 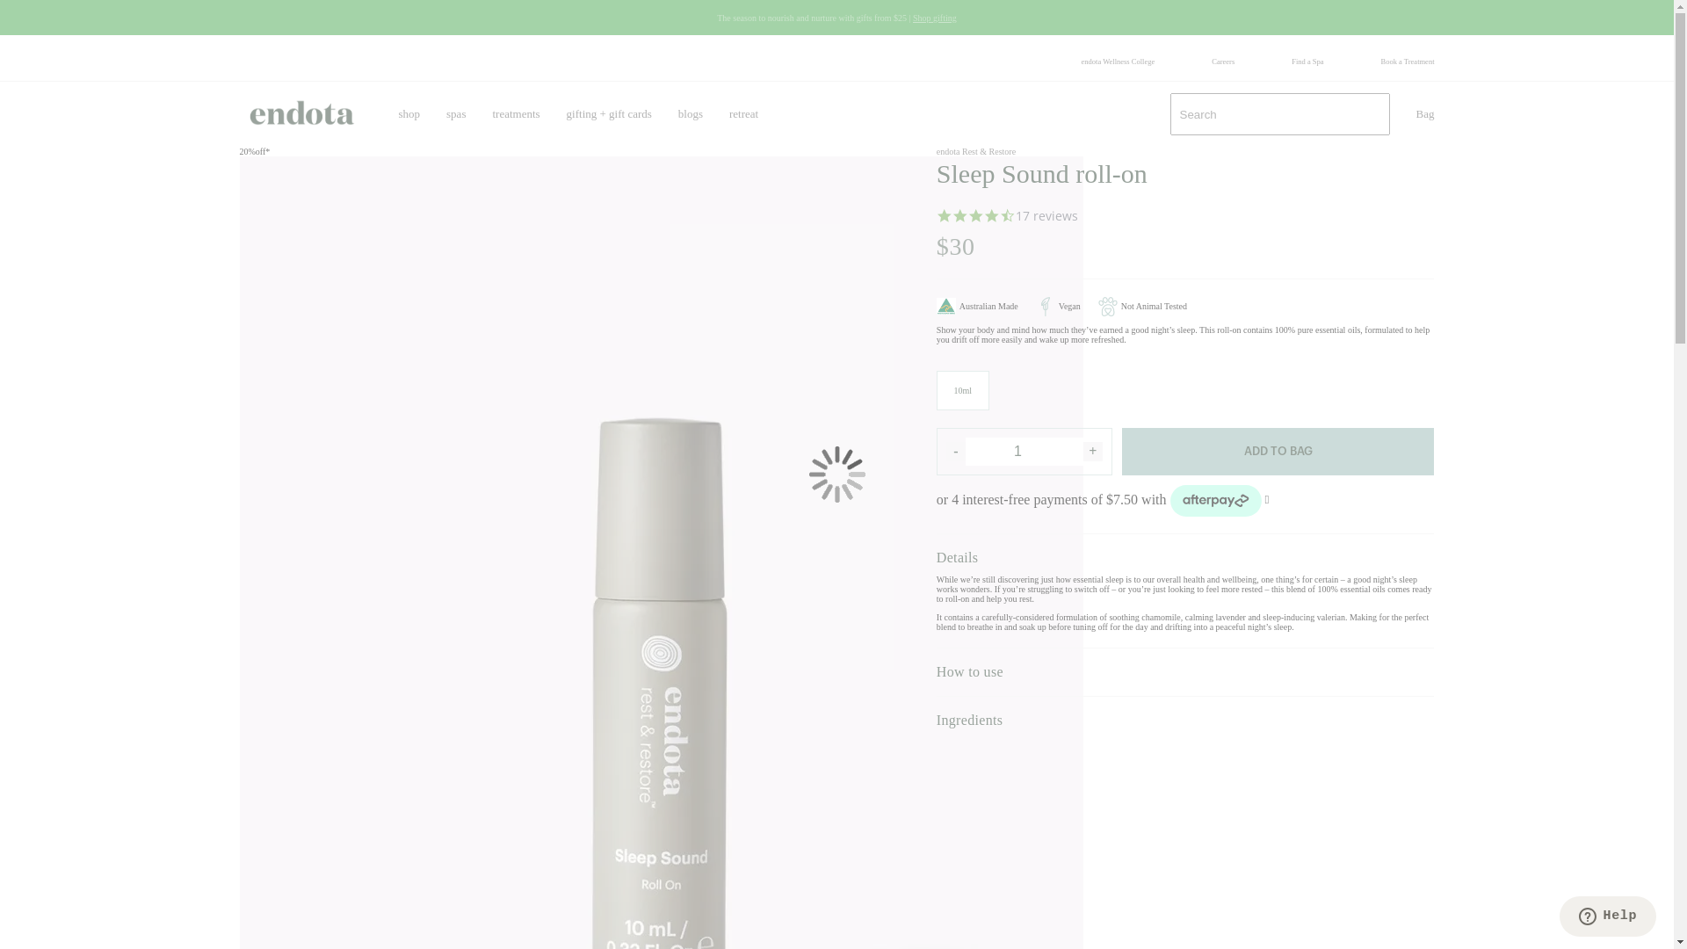 What do you see at coordinates (1117, 60) in the screenshot?
I see `'endota Wellness College'` at bounding box center [1117, 60].